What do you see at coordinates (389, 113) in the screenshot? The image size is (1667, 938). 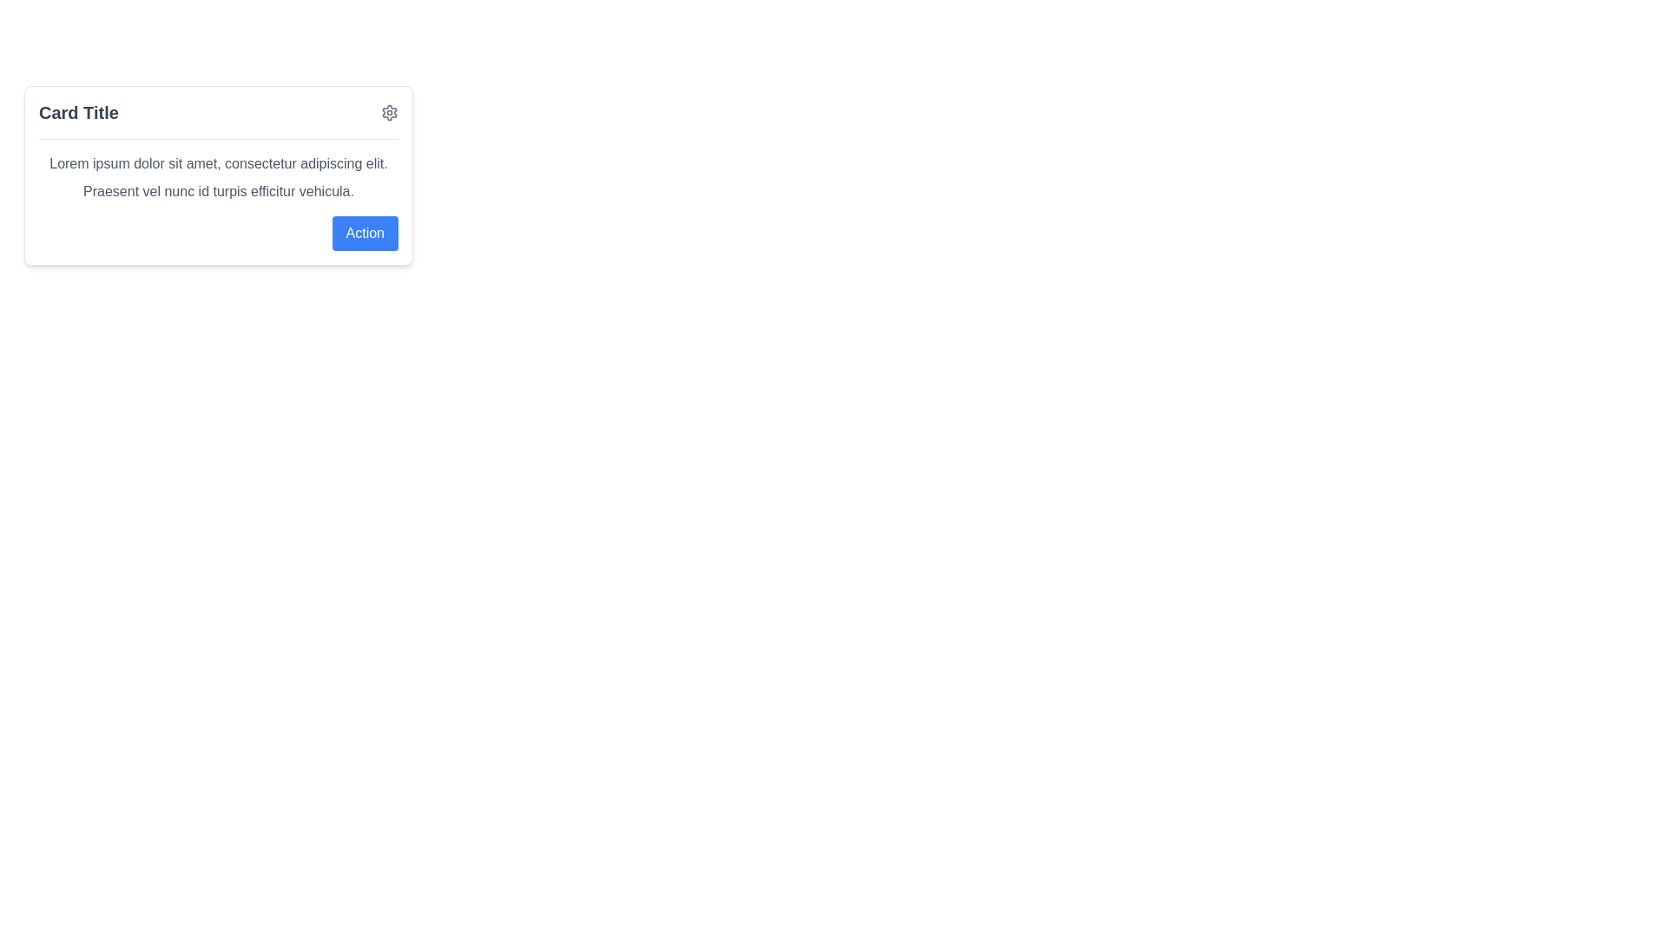 I see `the SVG Icon located in the top-right corner of the card component titled 'Card Title'` at bounding box center [389, 113].